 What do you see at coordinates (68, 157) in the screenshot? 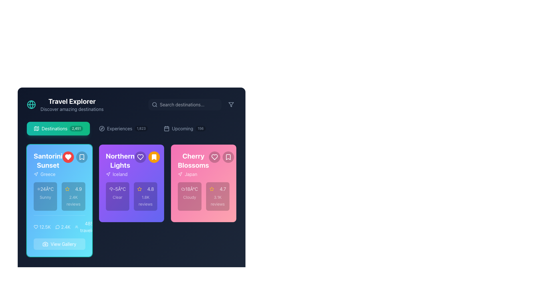
I see `the favorite button located at the top right corner of the 'Santorini Sunset' destination card` at bounding box center [68, 157].